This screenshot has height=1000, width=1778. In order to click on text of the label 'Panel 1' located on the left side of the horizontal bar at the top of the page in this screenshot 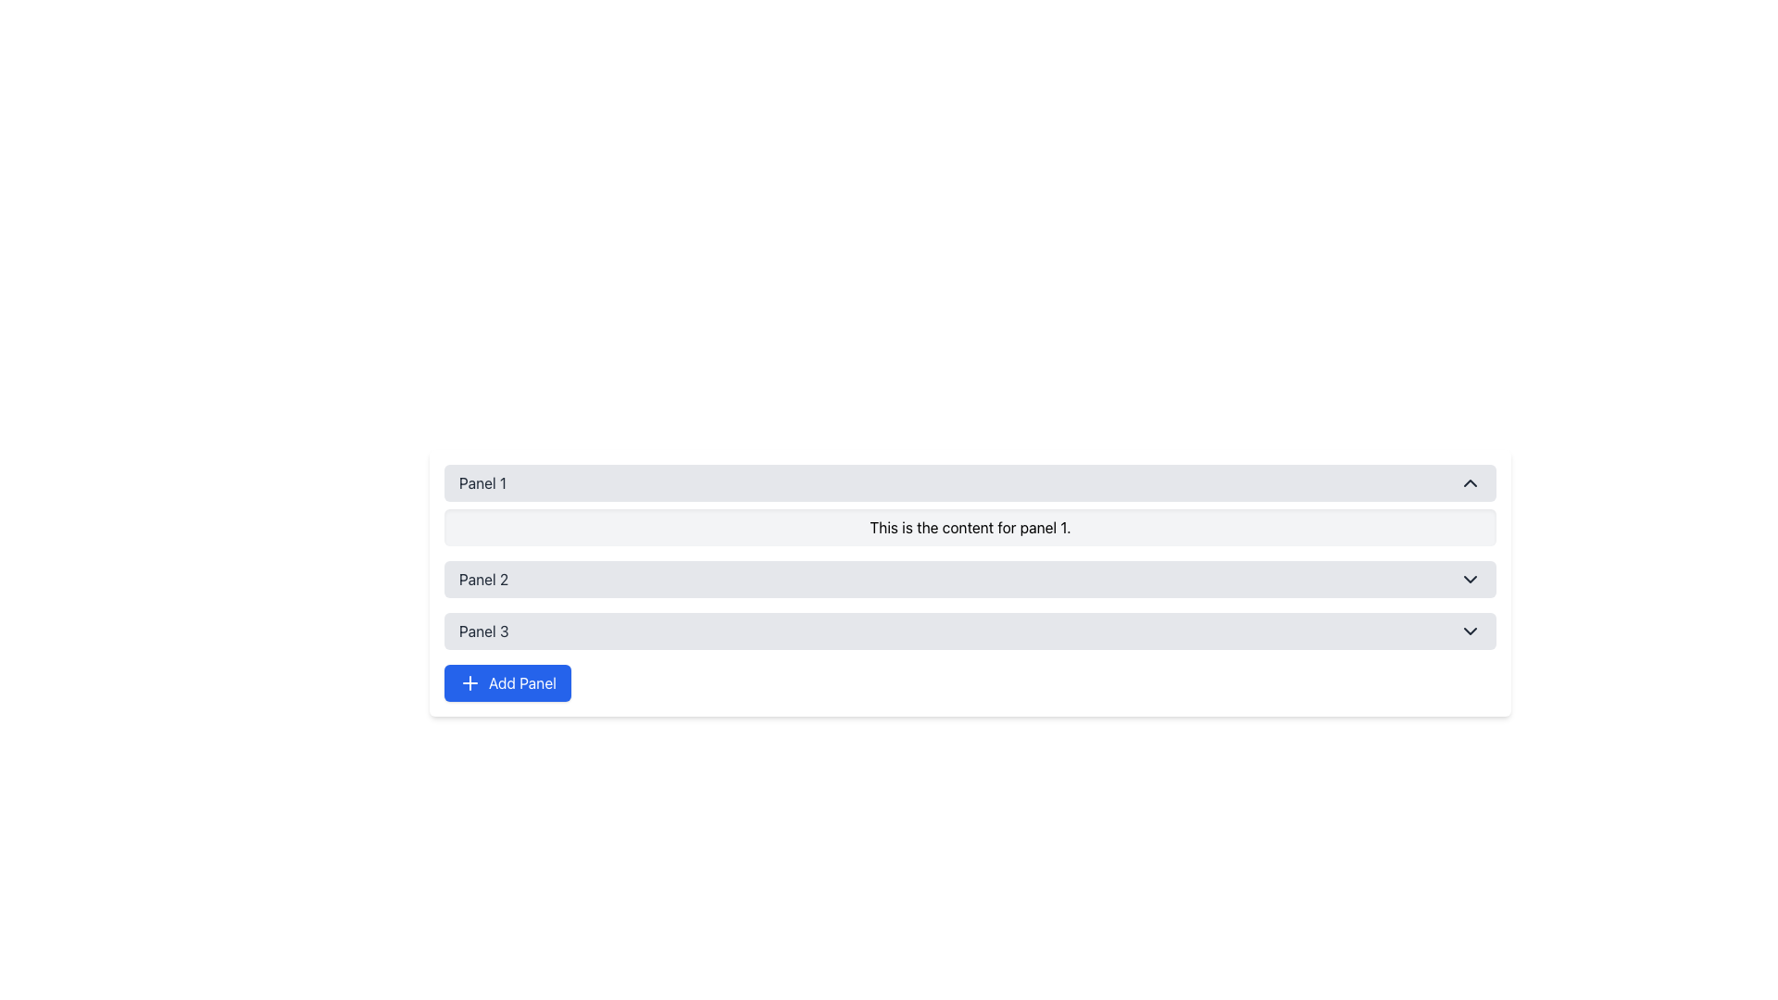, I will do `click(482, 481)`.